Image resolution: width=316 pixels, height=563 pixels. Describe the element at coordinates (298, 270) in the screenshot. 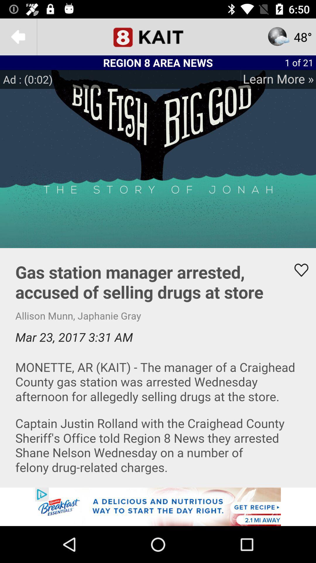

I see `like the article` at that location.